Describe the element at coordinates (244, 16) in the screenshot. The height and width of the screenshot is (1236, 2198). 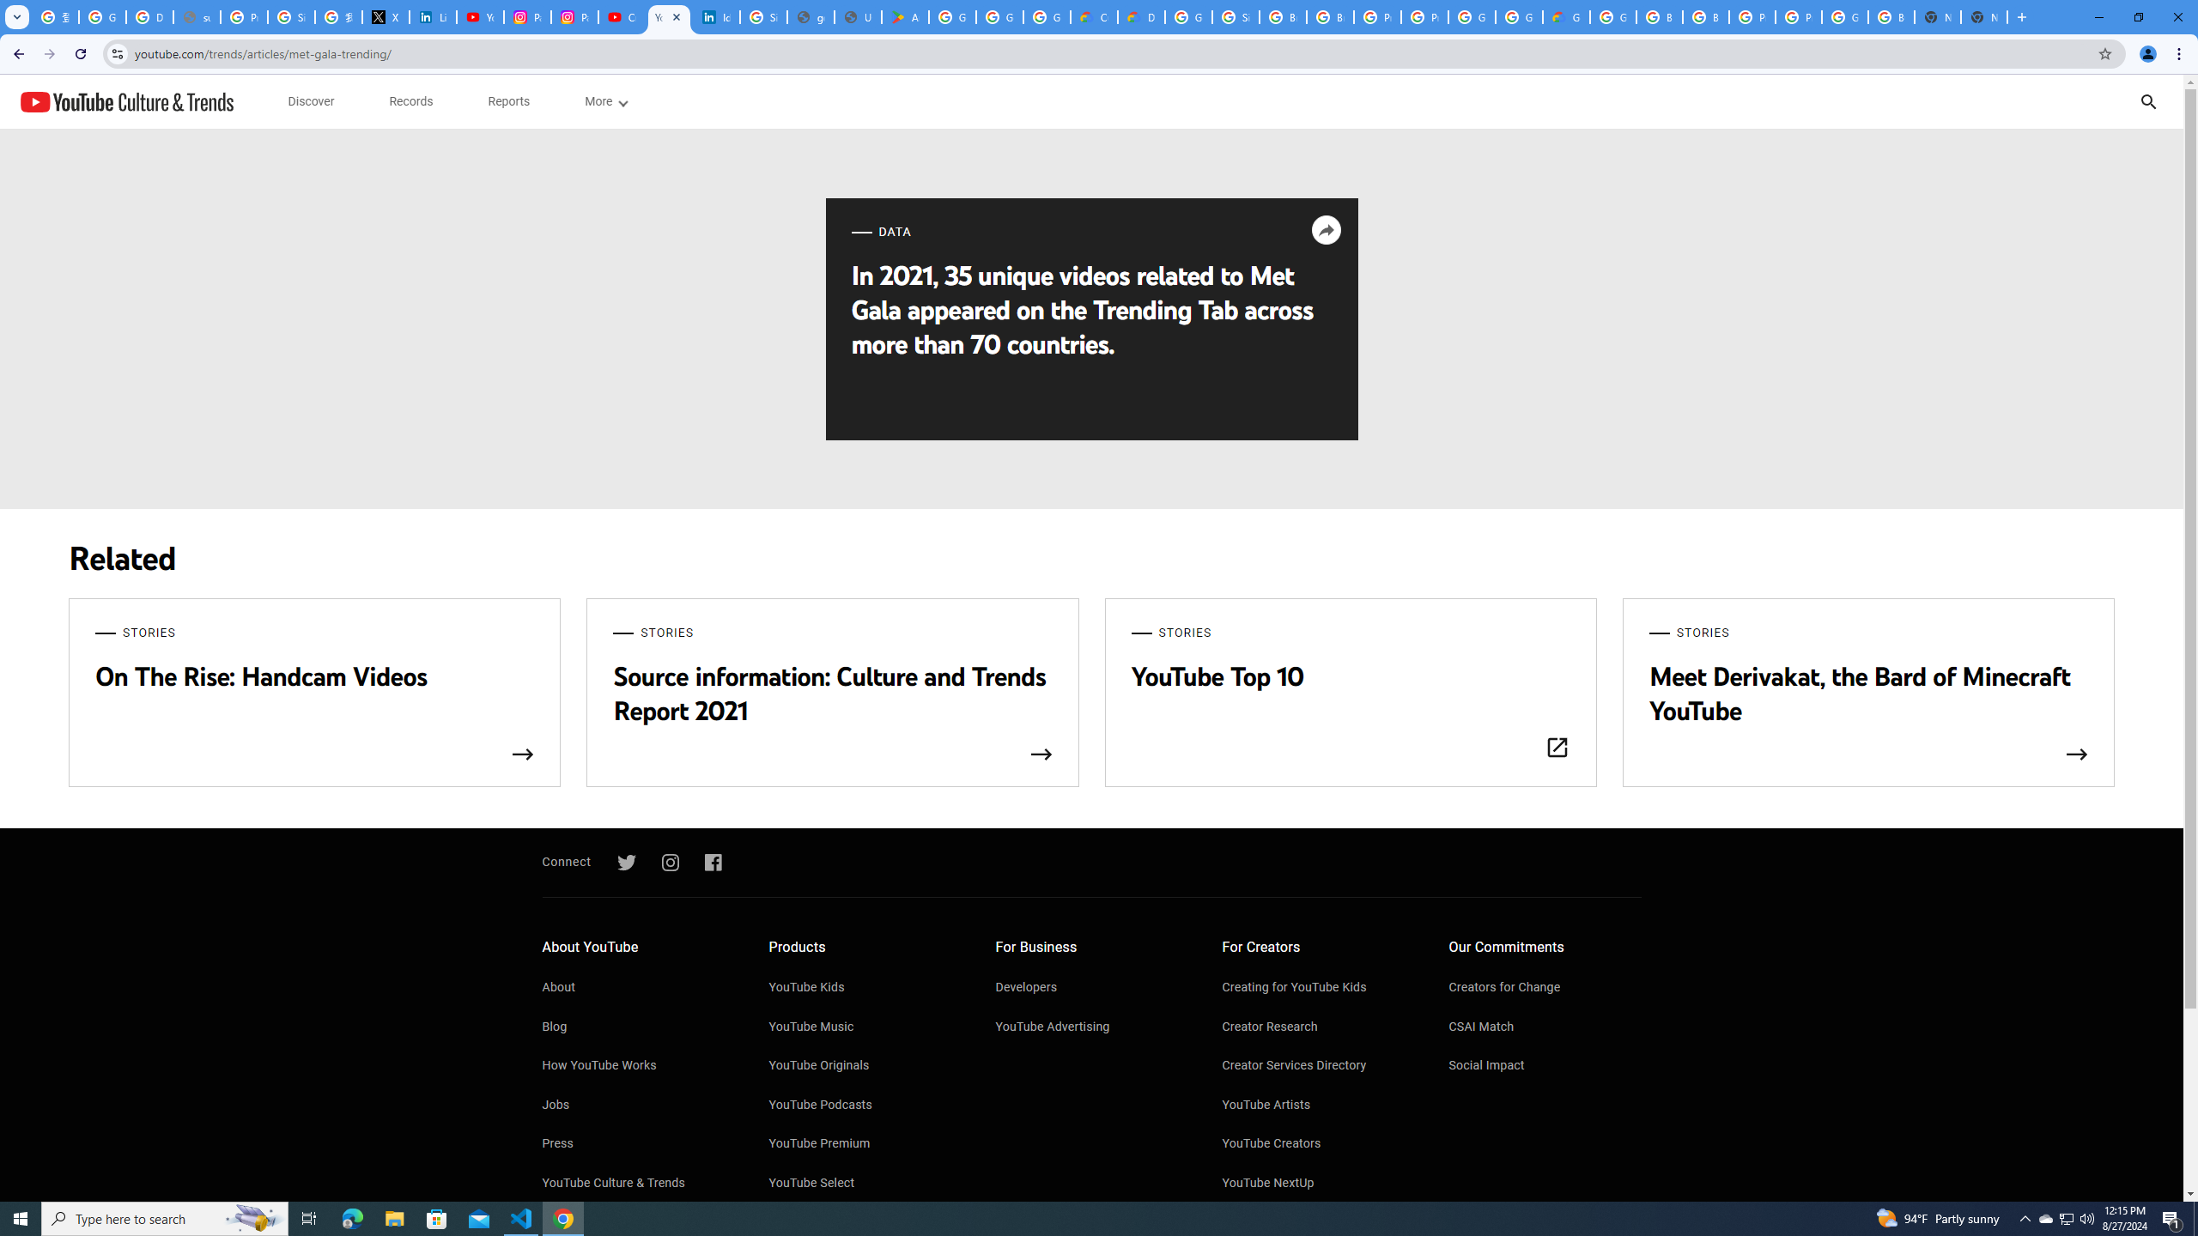
I see `'Privacy Help Center - Policies Help'` at that location.